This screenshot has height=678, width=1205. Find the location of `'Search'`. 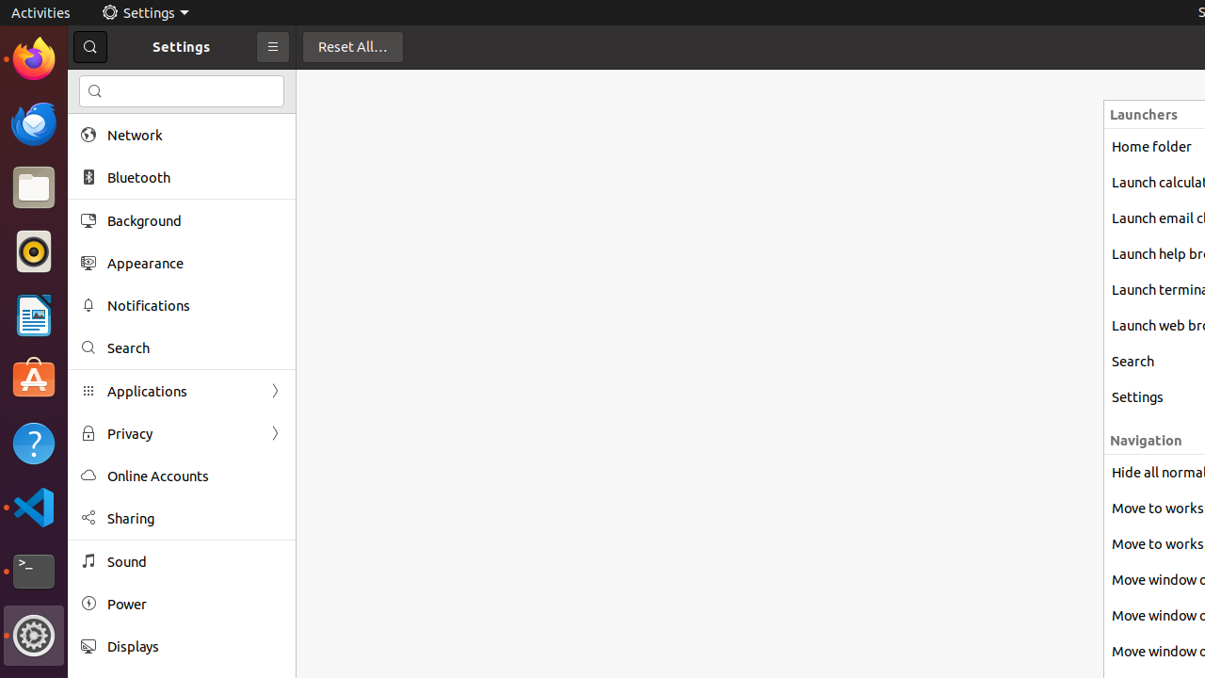

'Search' is located at coordinates (194, 347).